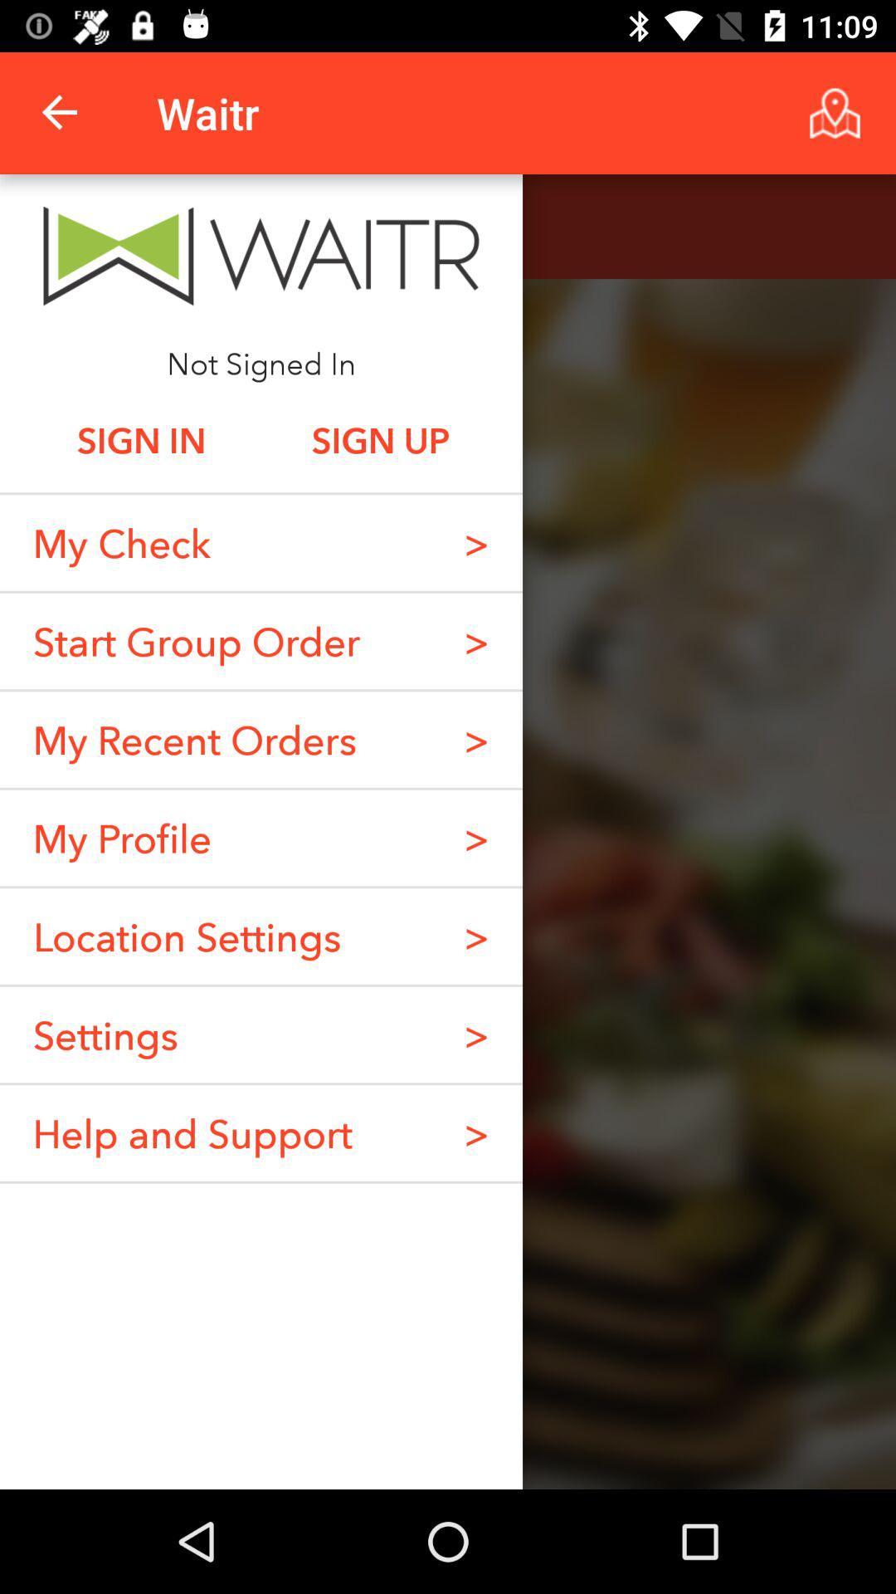  I want to click on the item to the right of the help and support, so click(476, 1034).